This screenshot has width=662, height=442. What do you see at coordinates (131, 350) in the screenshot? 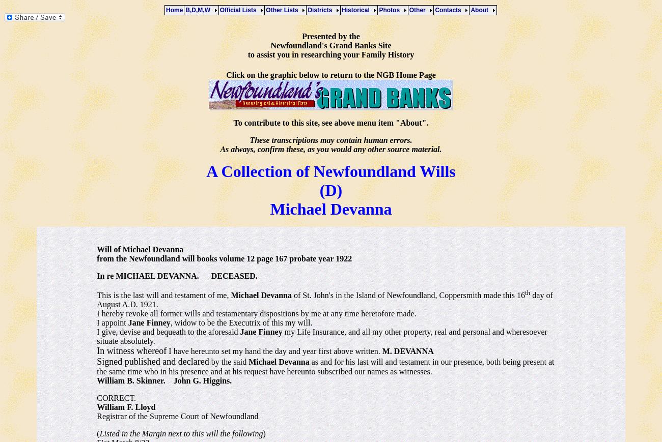
I see `'In witness whereof'` at bounding box center [131, 350].